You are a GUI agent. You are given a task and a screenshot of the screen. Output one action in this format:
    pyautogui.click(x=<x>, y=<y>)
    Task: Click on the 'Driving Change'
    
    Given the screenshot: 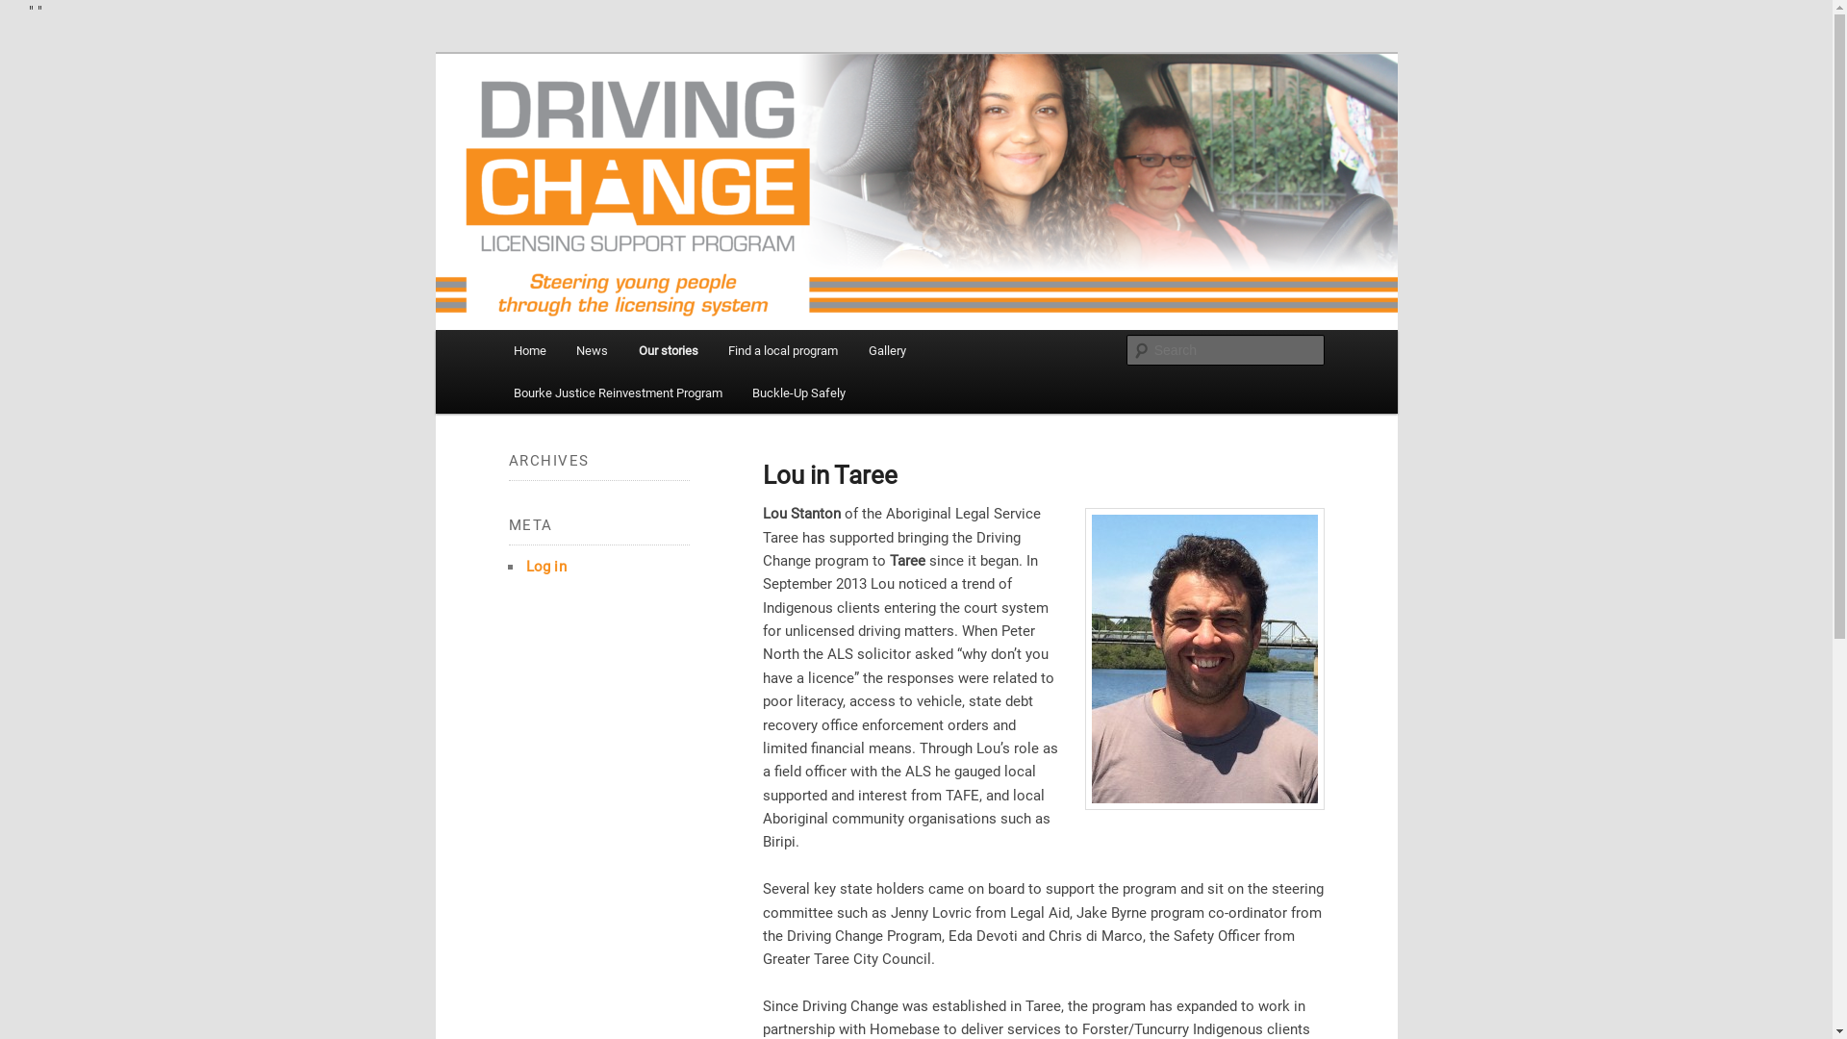 What is the action you would take?
    pyautogui.click(x=604, y=140)
    